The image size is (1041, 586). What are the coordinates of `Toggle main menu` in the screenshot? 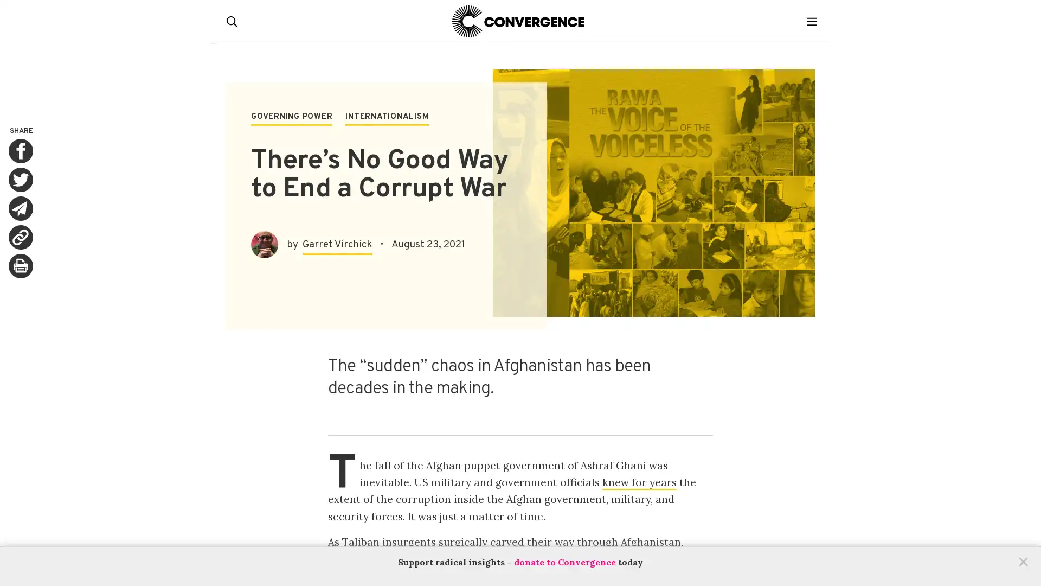 It's located at (814, 21).